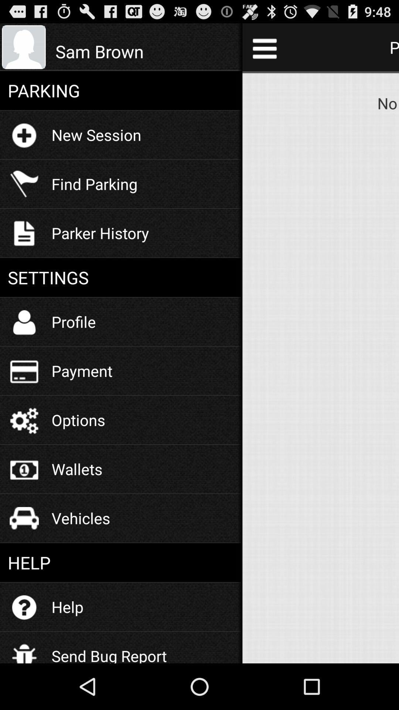  I want to click on icon below the wallets icon, so click(81, 518).